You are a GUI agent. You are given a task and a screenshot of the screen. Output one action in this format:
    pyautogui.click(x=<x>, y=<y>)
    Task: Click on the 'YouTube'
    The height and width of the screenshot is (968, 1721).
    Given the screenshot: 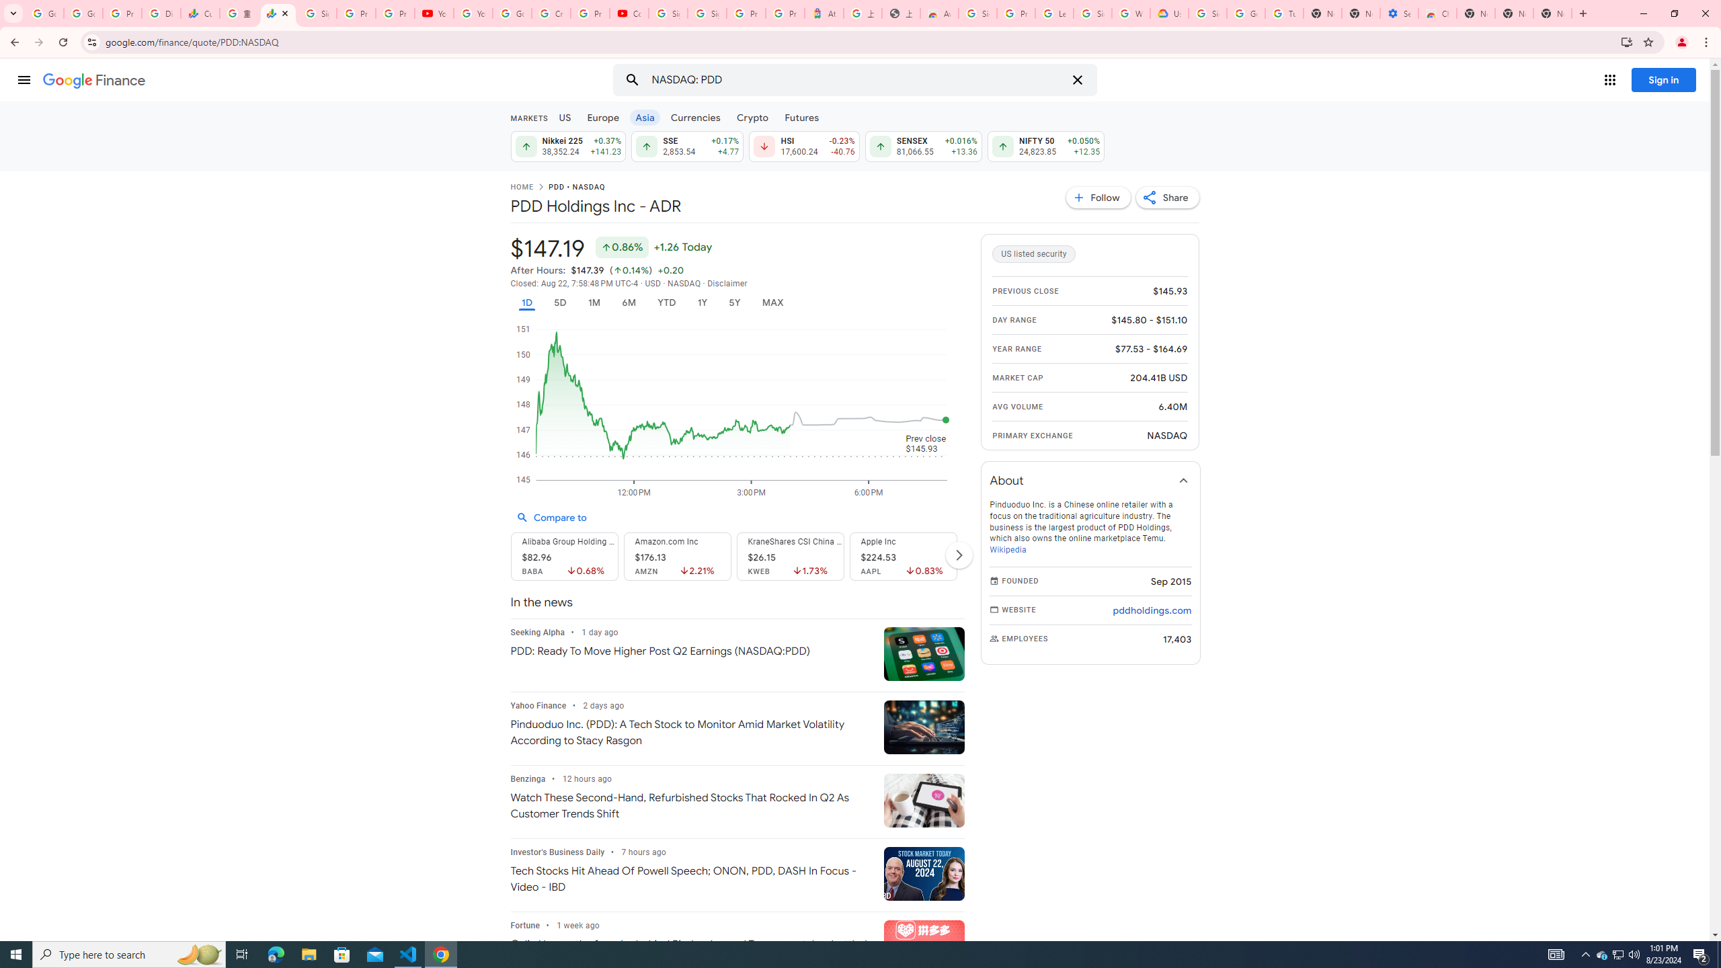 What is the action you would take?
    pyautogui.click(x=434, y=13)
    